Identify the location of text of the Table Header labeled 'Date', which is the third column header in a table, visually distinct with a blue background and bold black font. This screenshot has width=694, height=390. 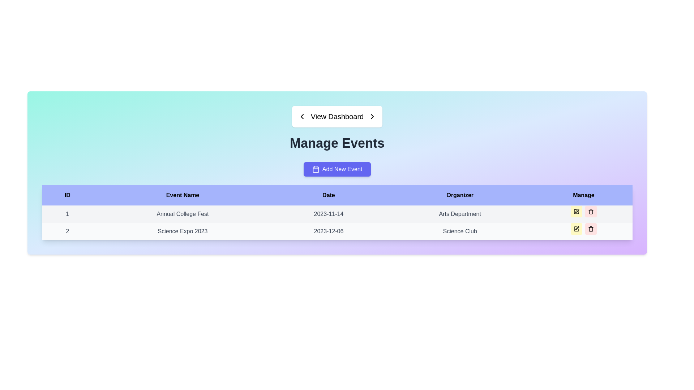
(328, 195).